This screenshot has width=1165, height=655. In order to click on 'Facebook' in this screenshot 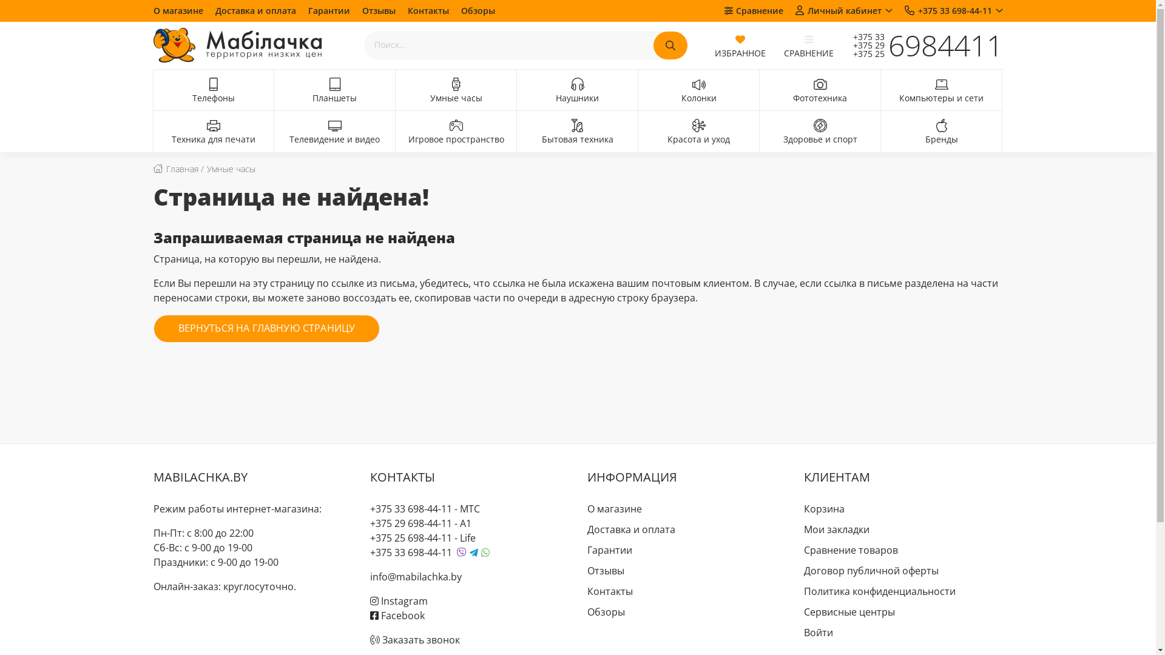, I will do `click(397, 615)`.